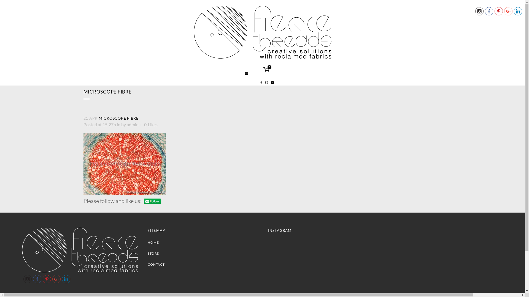  What do you see at coordinates (485, 11) in the screenshot?
I see `'Facebook'` at bounding box center [485, 11].